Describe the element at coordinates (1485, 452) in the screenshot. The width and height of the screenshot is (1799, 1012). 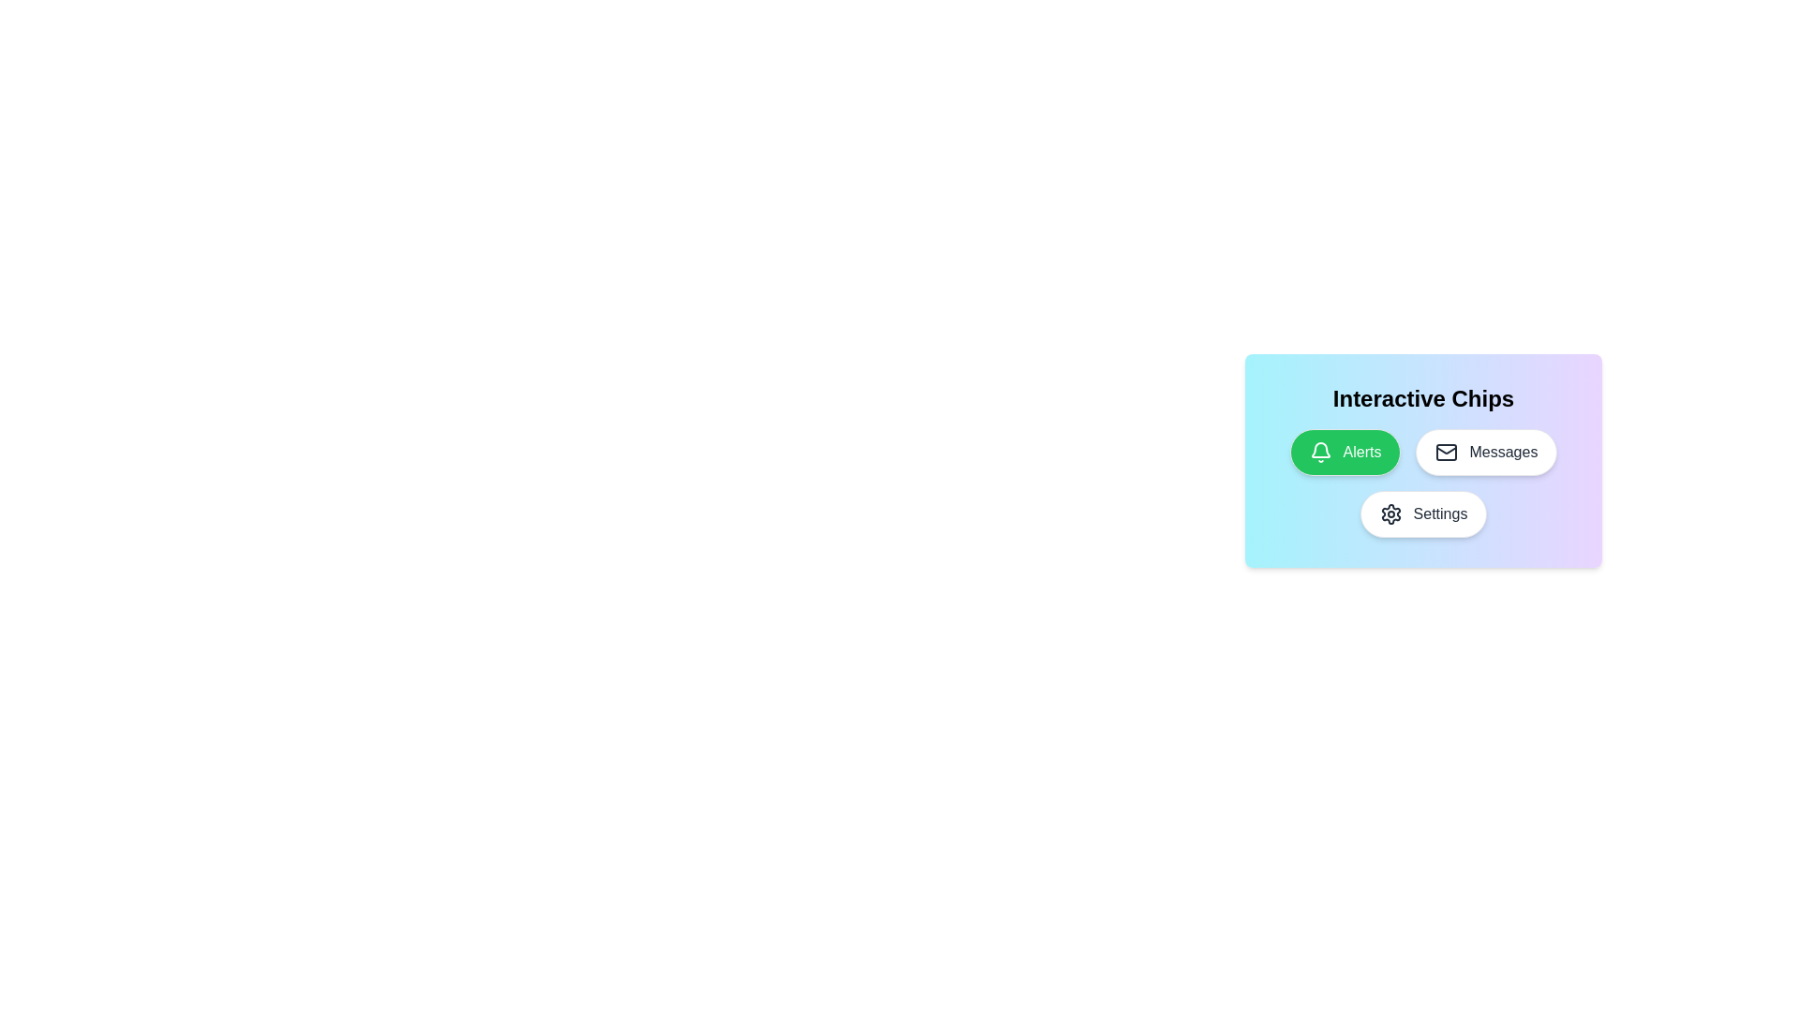
I see `the chip labeled Messages to toggle its selection state` at that location.